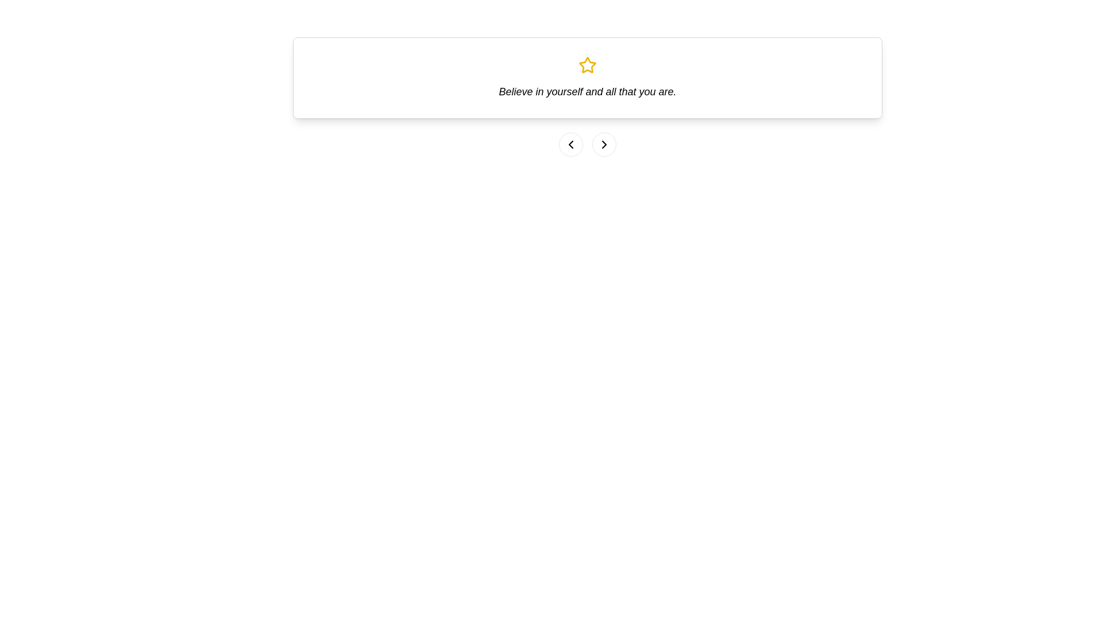 The image size is (1103, 620). What do you see at coordinates (603, 144) in the screenshot?
I see `the circular button with a right-pointing chevron icon located to the right of the left-pointing chevron button in the navigation controls below a motivational quote on the card` at bounding box center [603, 144].